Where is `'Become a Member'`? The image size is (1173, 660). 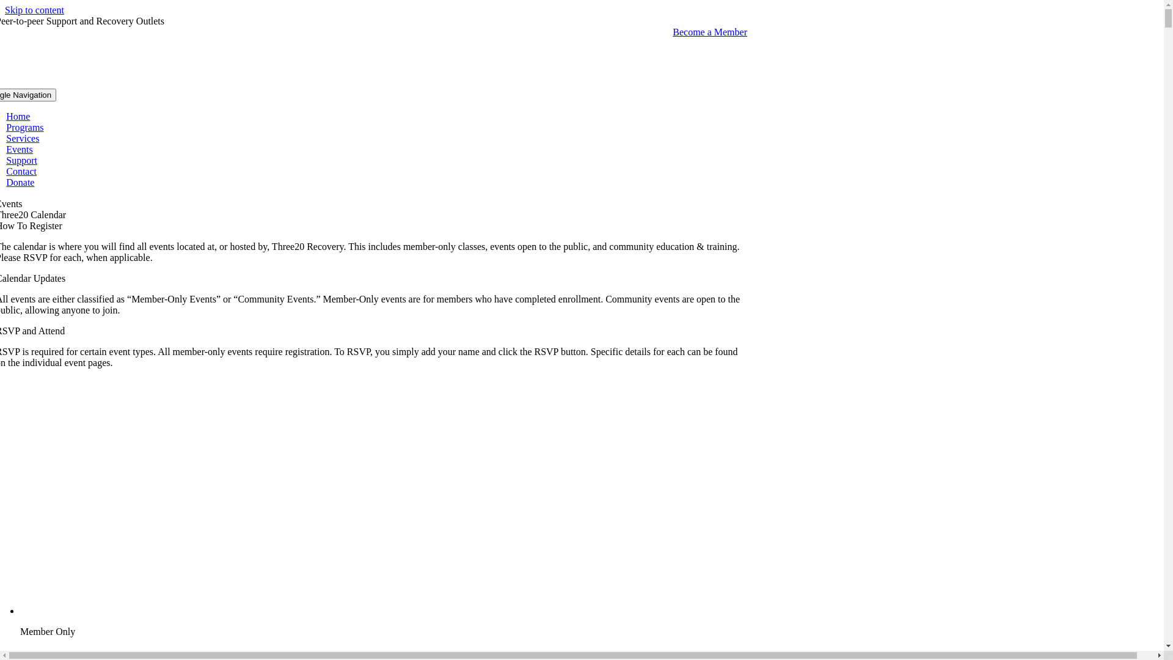
'Become a Member' is located at coordinates (709, 31).